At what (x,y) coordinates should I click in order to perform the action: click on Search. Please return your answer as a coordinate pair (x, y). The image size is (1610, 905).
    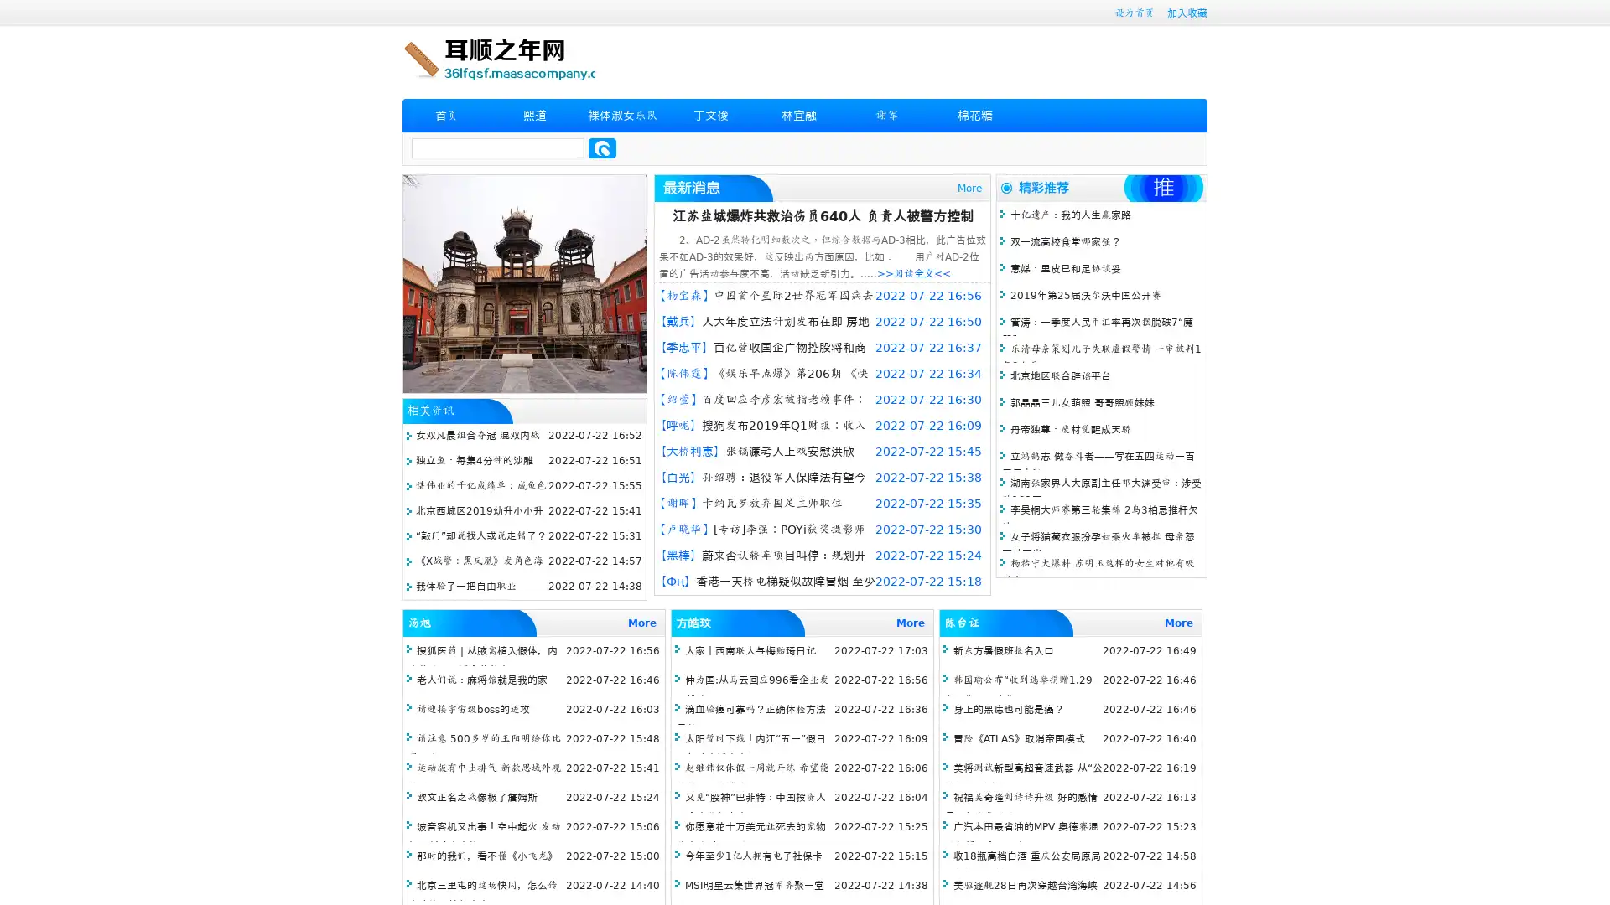
    Looking at the image, I should click on (602, 147).